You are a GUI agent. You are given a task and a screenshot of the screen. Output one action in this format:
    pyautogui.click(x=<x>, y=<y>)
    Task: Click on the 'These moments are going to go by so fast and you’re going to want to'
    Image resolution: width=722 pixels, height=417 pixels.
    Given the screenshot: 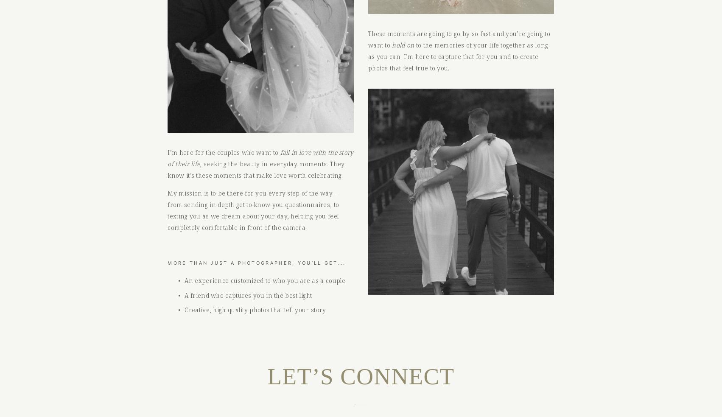 What is the action you would take?
    pyautogui.click(x=459, y=39)
    